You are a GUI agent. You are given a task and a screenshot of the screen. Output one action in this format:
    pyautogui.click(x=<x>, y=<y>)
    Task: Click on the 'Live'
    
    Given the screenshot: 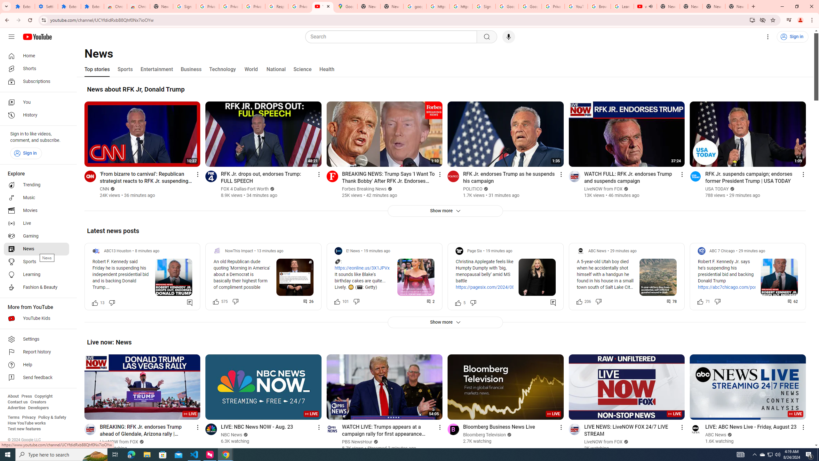 What is the action you would take?
    pyautogui.click(x=36, y=223)
    